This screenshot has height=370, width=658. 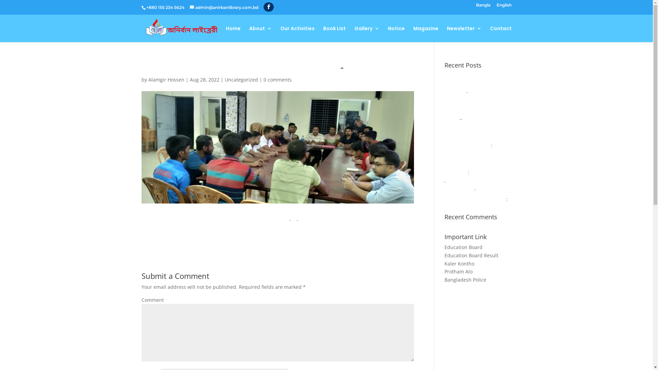 What do you see at coordinates (225, 79) in the screenshot?
I see `'Uncategorized'` at bounding box center [225, 79].